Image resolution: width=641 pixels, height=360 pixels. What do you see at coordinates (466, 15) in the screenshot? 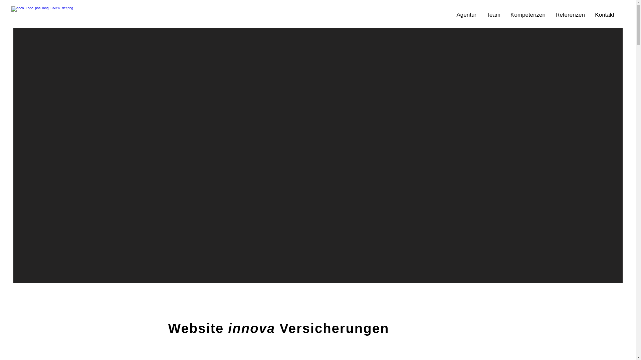
I see `'Agentur'` at bounding box center [466, 15].